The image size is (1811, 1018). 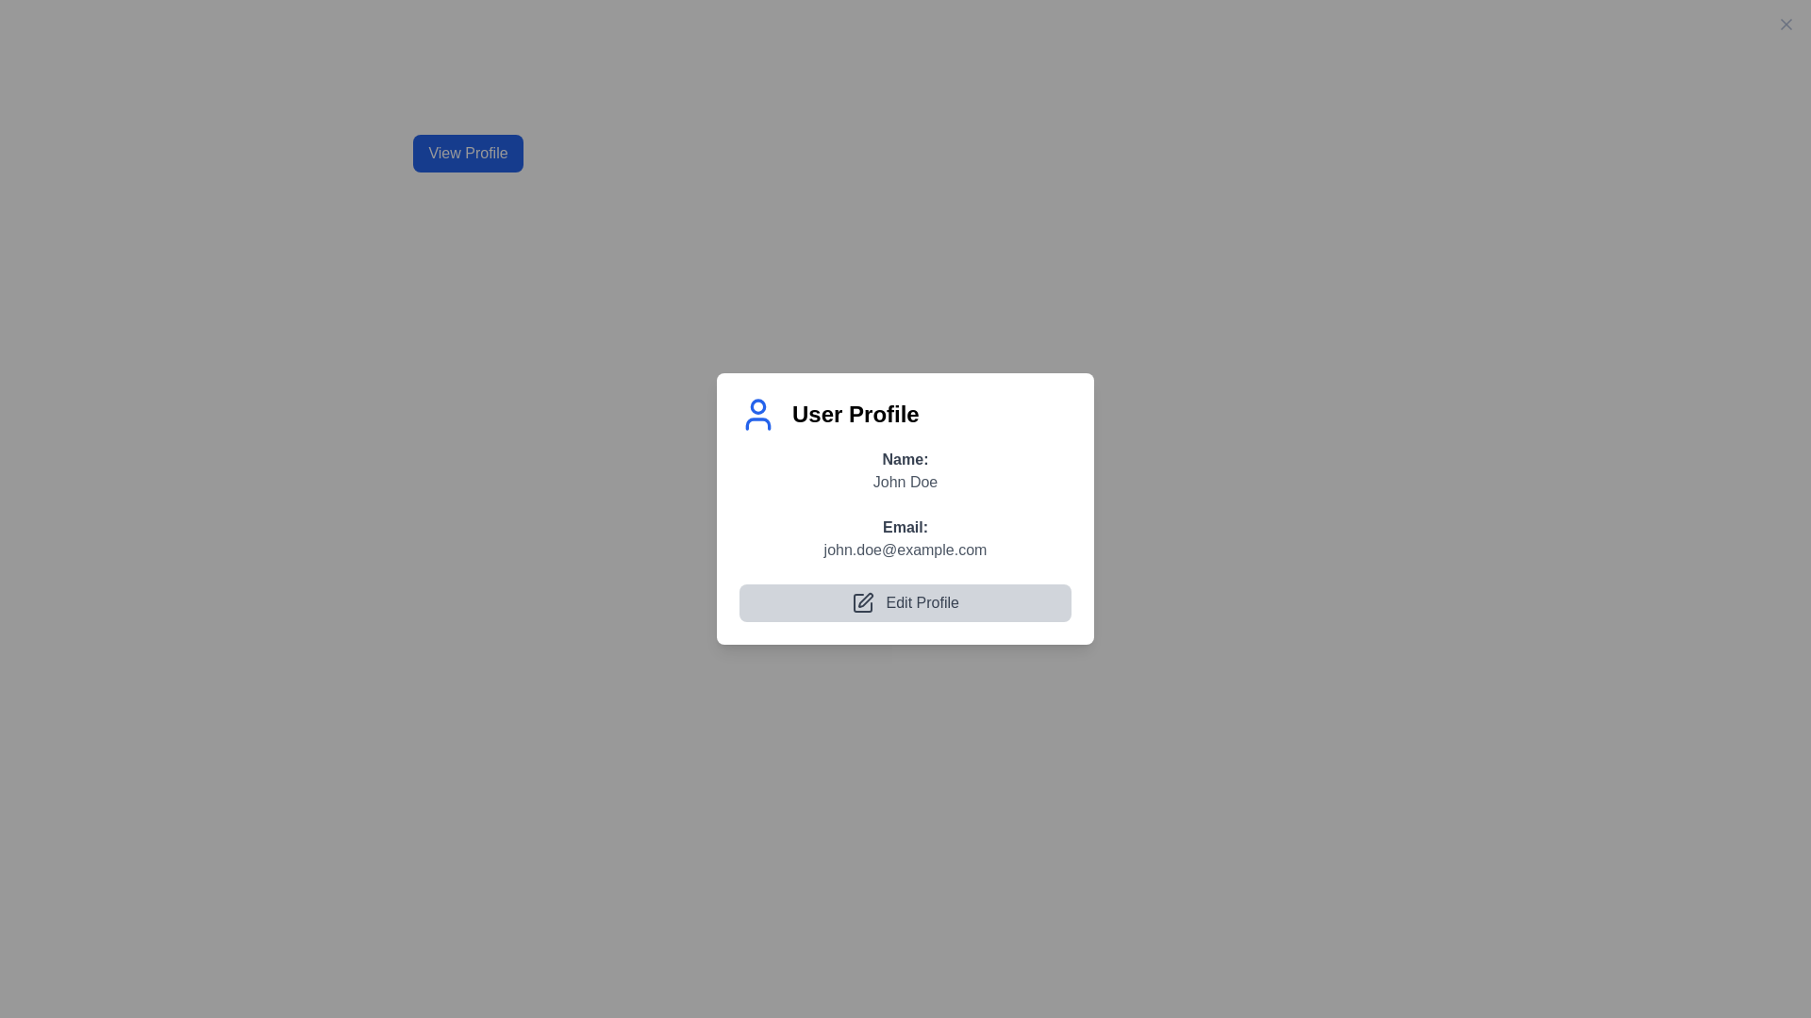 I want to click on the 'View Profile' button, which is a rounded rectangular button with white text on a blue background, so click(x=468, y=152).